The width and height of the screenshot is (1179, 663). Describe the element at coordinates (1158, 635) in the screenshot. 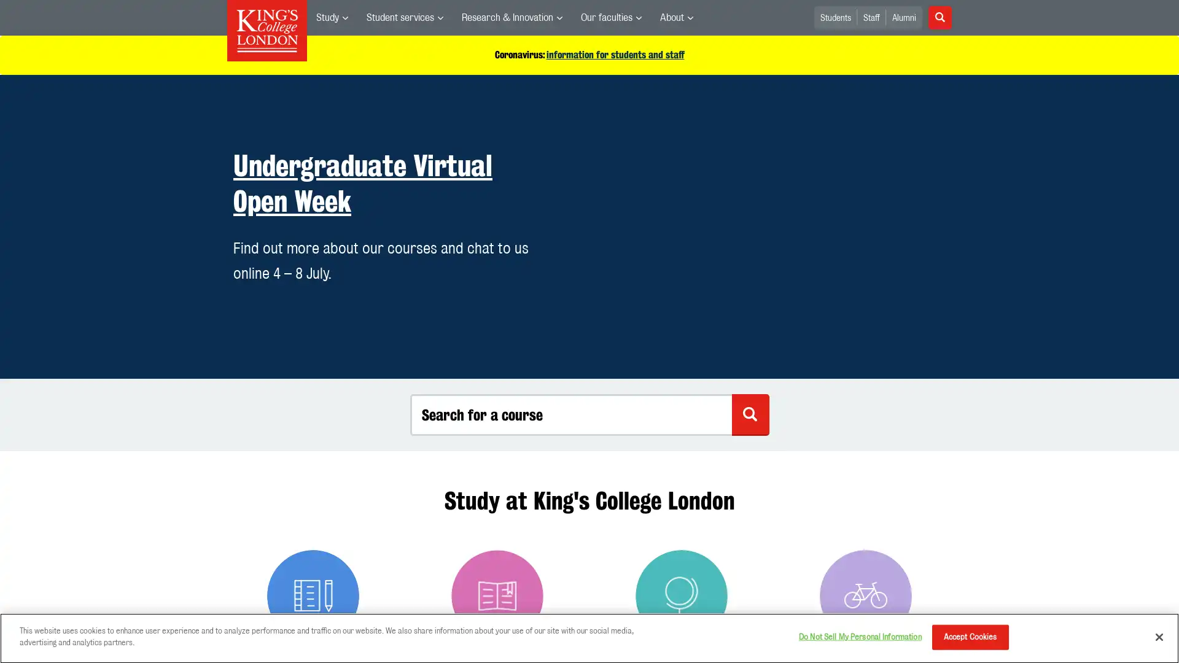

I see `Close` at that location.